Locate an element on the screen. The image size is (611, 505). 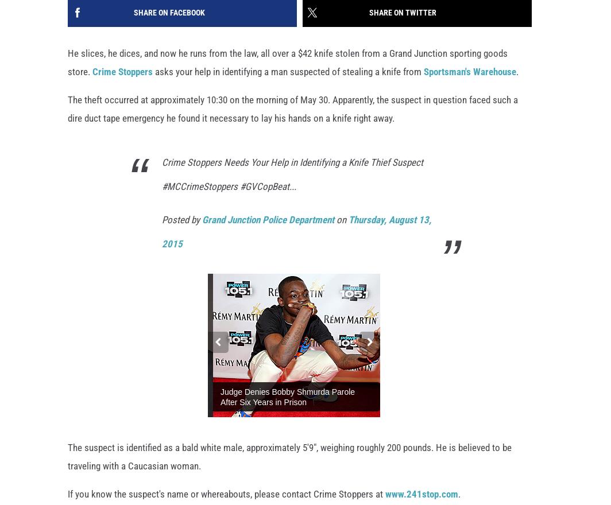
'Posted by' is located at coordinates (181, 220).